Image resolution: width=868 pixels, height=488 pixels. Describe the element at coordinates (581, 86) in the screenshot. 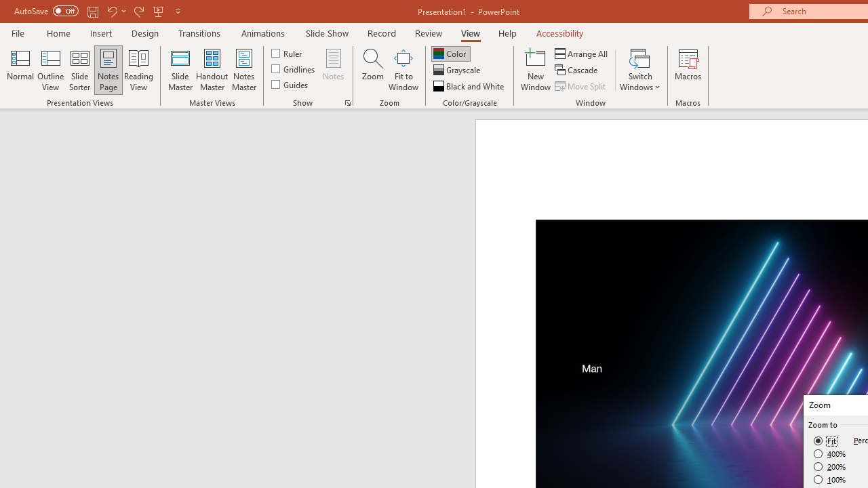

I see `'Move Split'` at that location.